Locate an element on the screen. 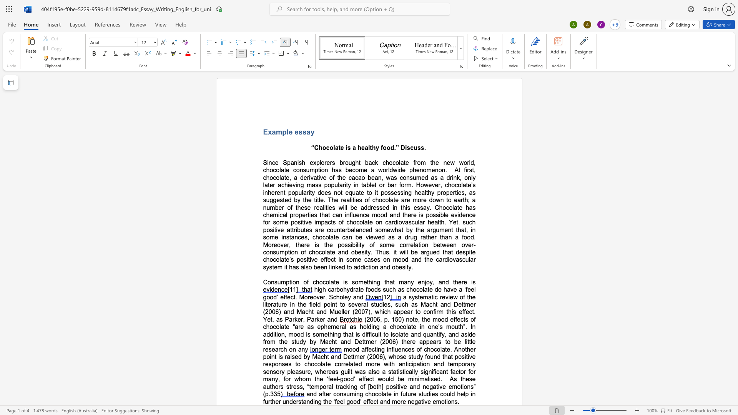 The height and width of the screenshot is (415, 738). the space between the continuous character "s" and "a" in the text is located at coordinates (306, 131).